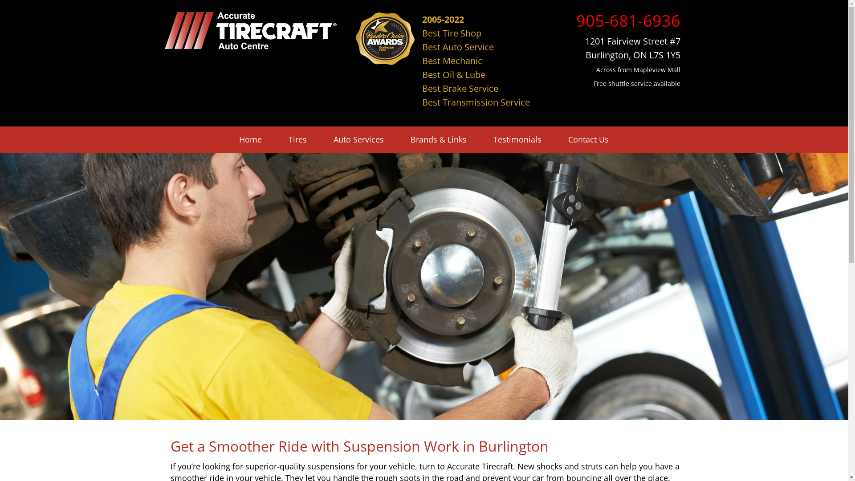 The image size is (855, 481). I want to click on 'Tires', so click(297, 139).